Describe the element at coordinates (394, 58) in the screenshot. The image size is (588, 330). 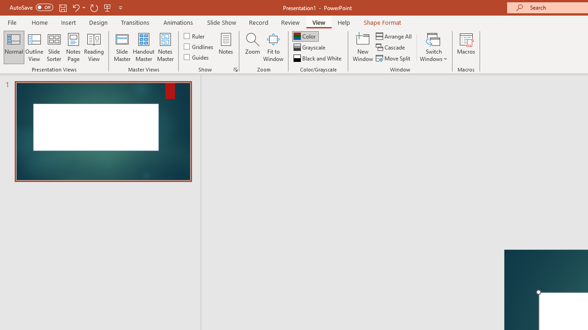
I see `'Move Split'` at that location.